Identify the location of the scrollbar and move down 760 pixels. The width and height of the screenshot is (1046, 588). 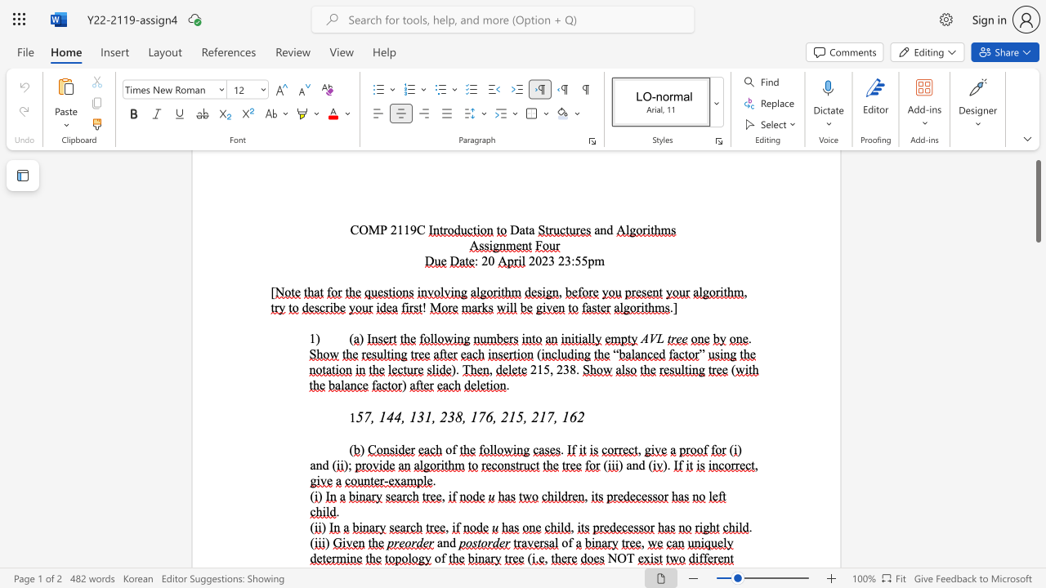
(1037, 200).